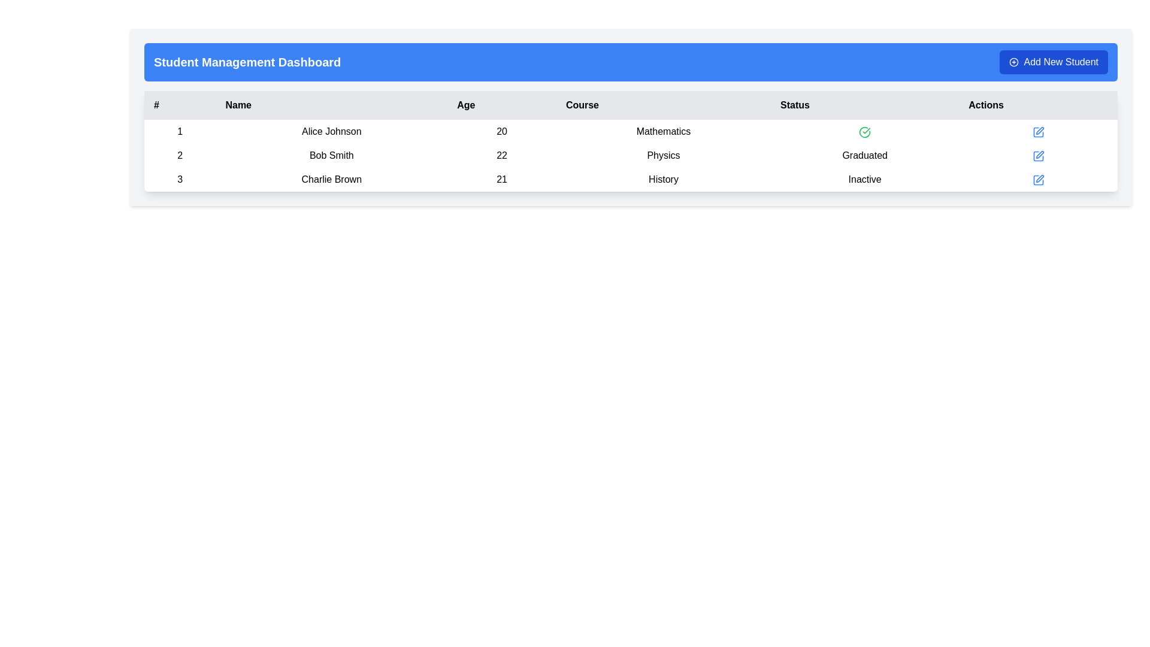 This screenshot has height=647, width=1150. Describe the element at coordinates (663, 180) in the screenshot. I see `the 'History' text element located in the third row of the table under the 'Course' column` at that location.